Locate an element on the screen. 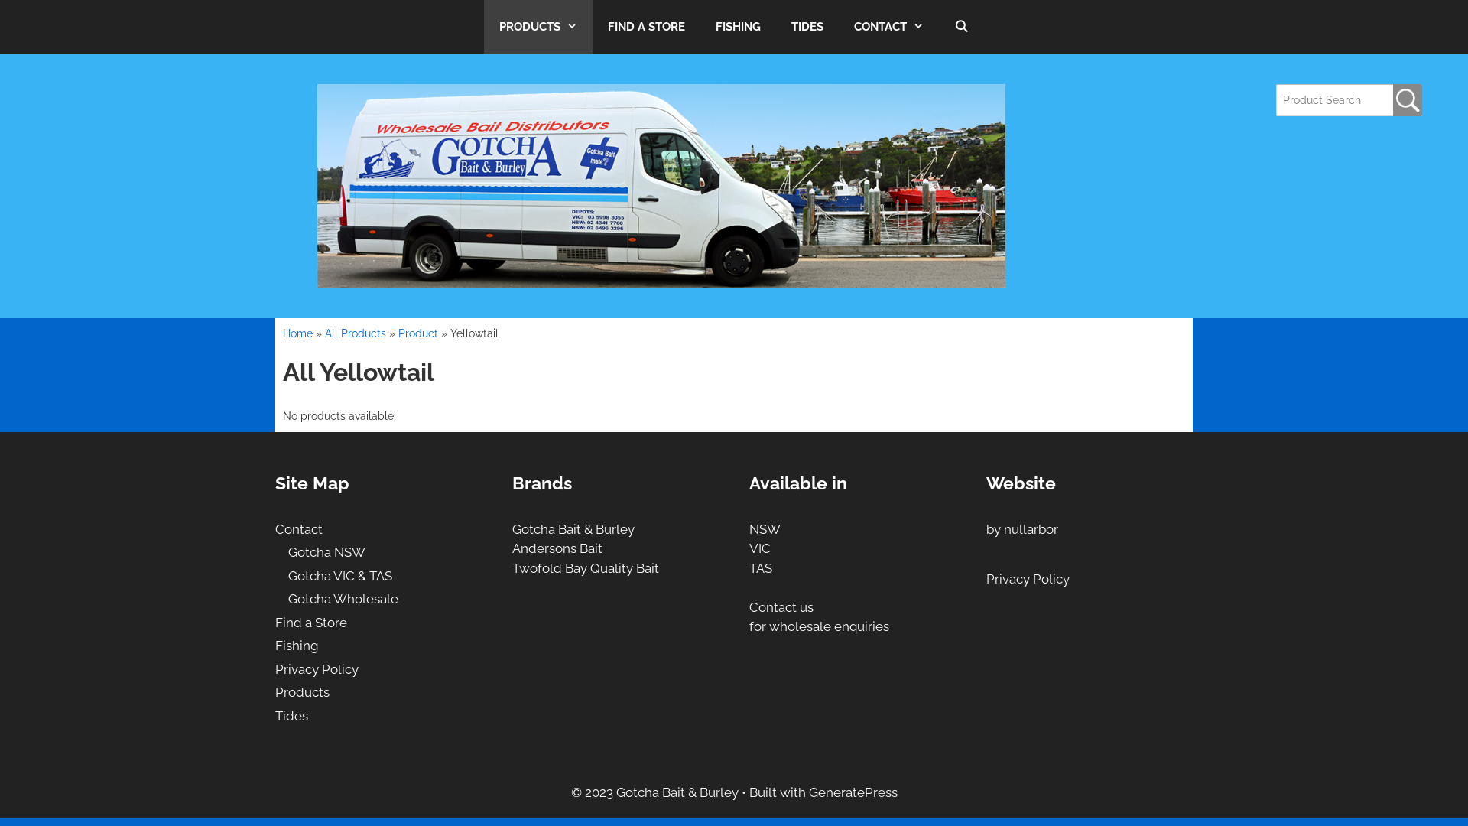 The width and height of the screenshot is (1468, 826). 'NSW' is located at coordinates (765, 528).